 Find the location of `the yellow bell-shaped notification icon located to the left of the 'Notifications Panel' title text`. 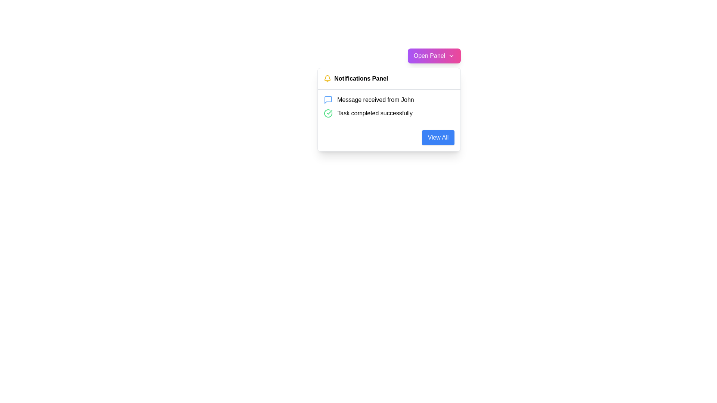

the yellow bell-shaped notification icon located to the left of the 'Notifications Panel' title text is located at coordinates (328, 79).